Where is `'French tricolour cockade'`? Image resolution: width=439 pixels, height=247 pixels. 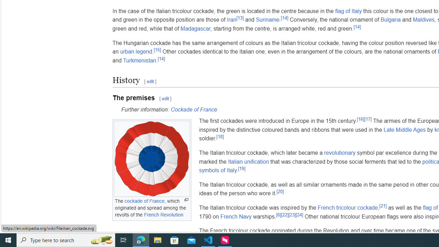 'French tricolour cockade' is located at coordinates (347, 207).